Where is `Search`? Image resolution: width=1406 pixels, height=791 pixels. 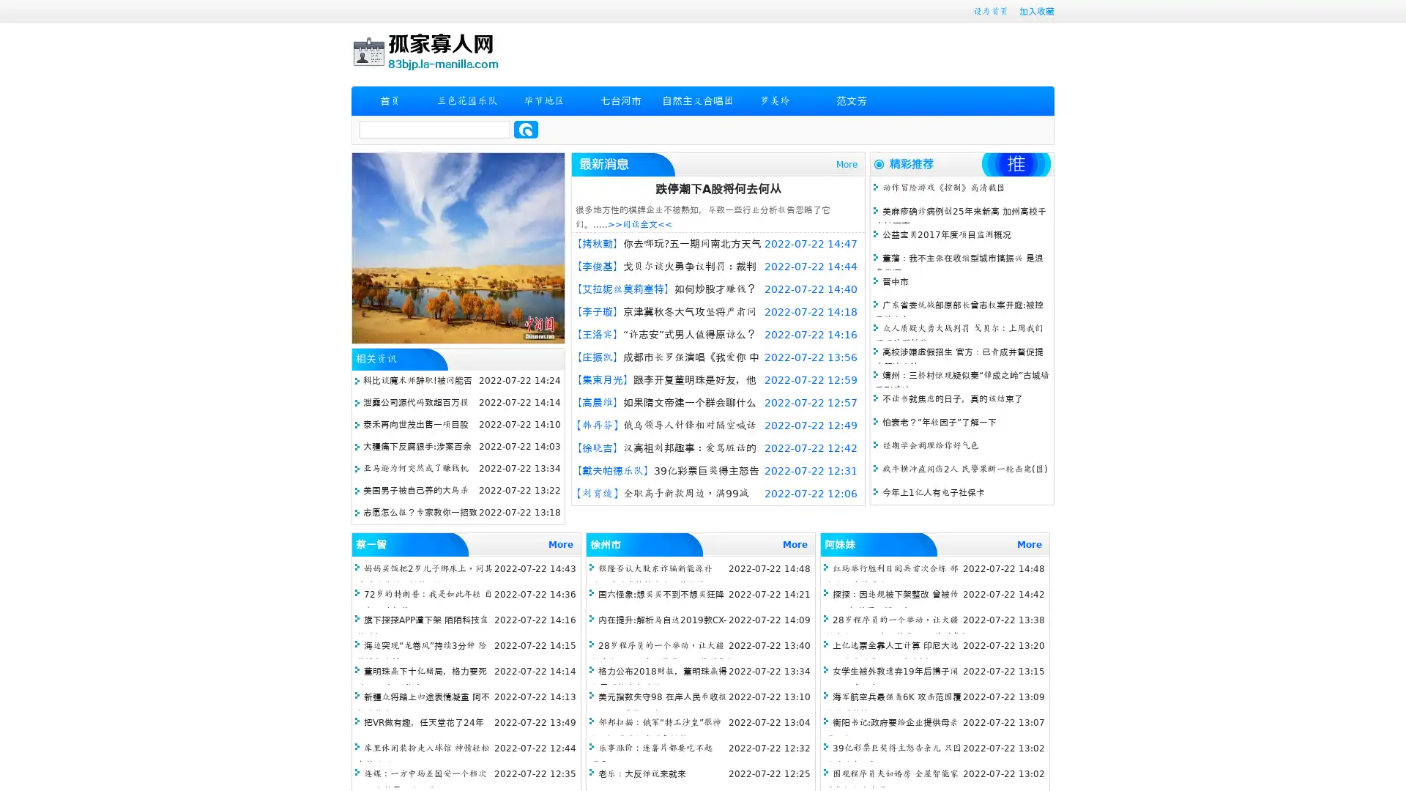
Search is located at coordinates (526, 129).